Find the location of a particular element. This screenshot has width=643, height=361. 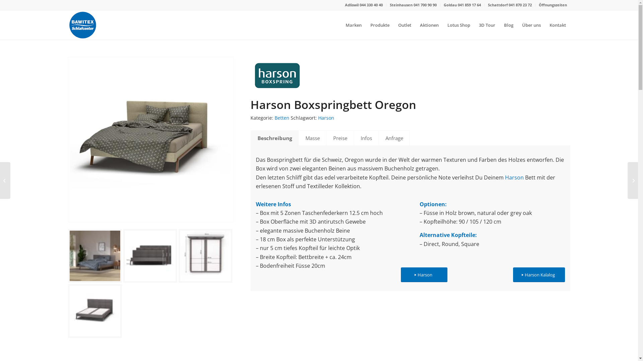

'044 330 40 40' is located at coordinates (371, 5).